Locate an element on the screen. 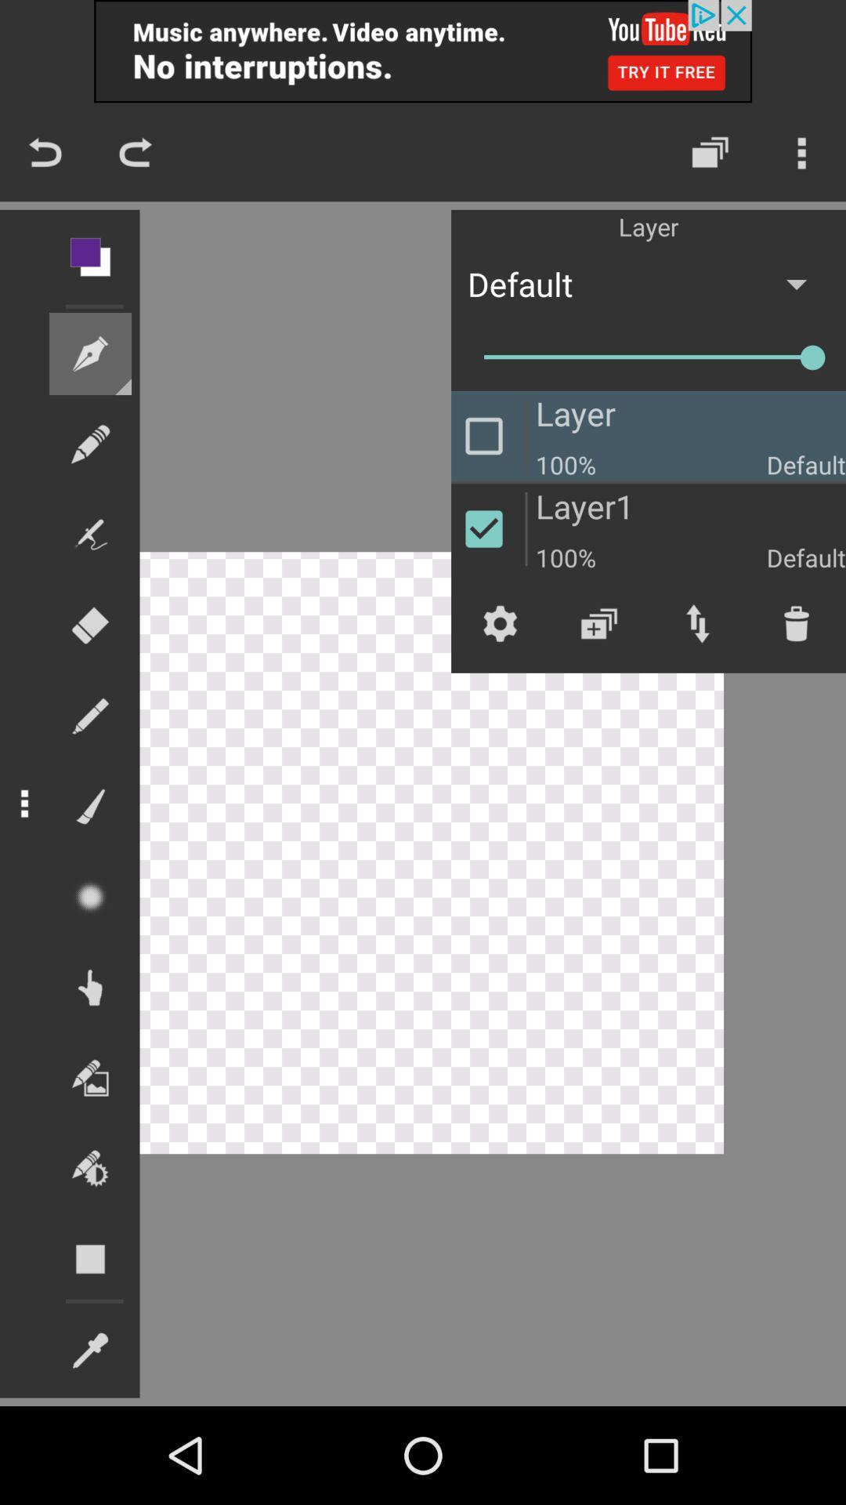 The width and height of the screenshot is (846, 1505). the delete icon is located at coordinates (797, 622).